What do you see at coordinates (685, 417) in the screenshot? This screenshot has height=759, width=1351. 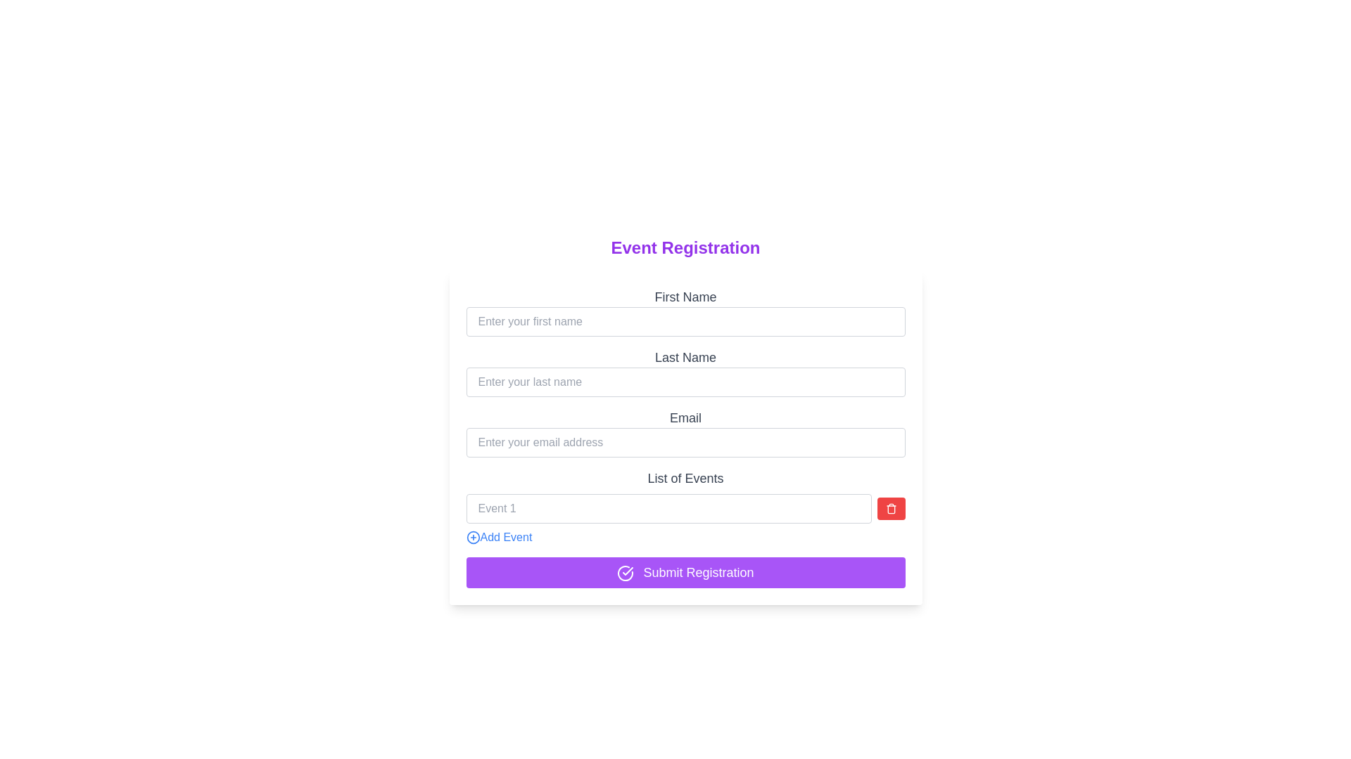 I see `the label for the email address input field located in the 'Event Registration' form, positioned below the 'Last Name' field` at bounding box center [685, 417].